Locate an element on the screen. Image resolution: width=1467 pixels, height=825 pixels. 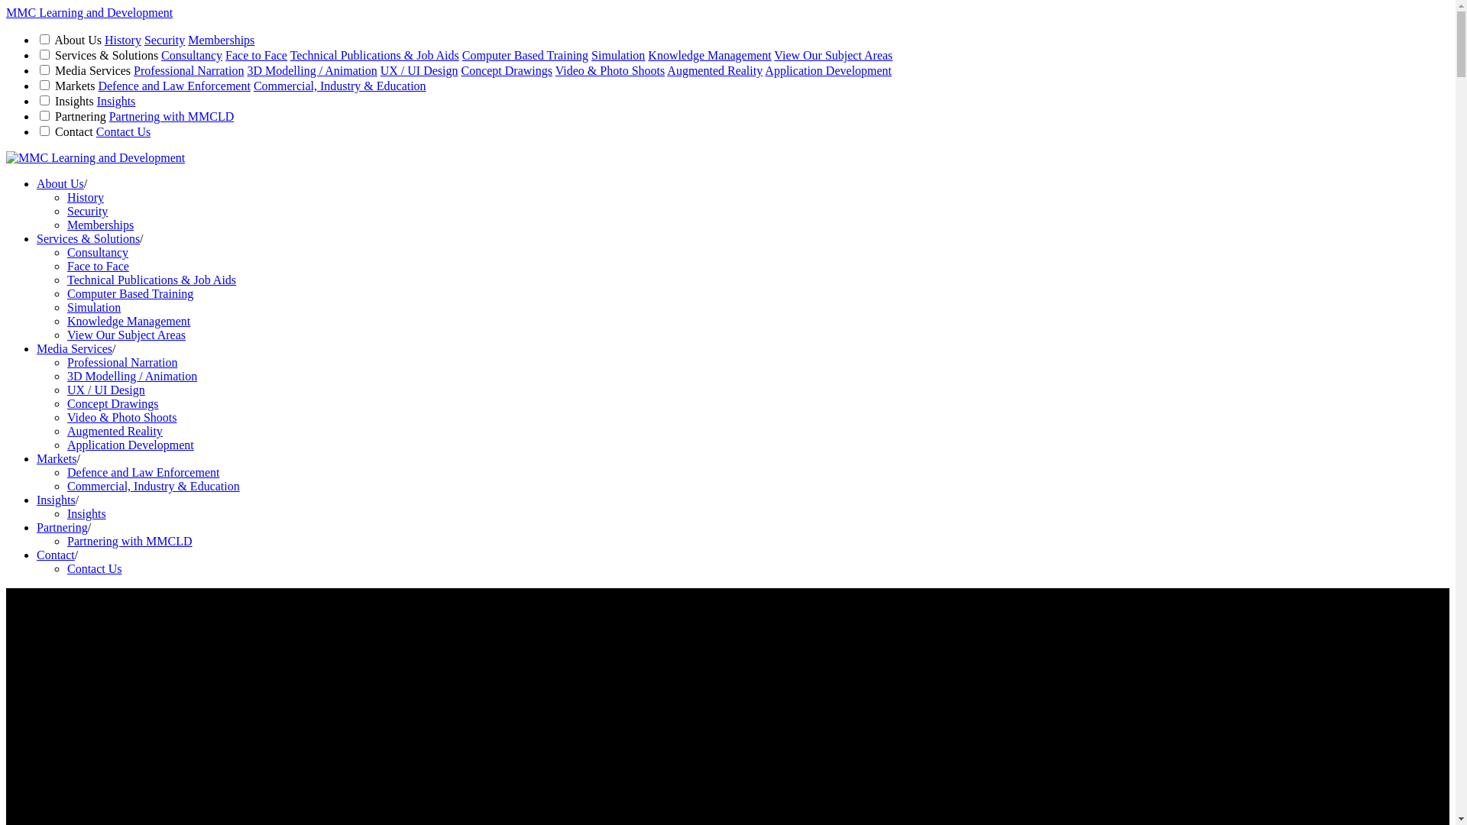
'Commercial, Industry & Education' is located at coordinates (339, 86).